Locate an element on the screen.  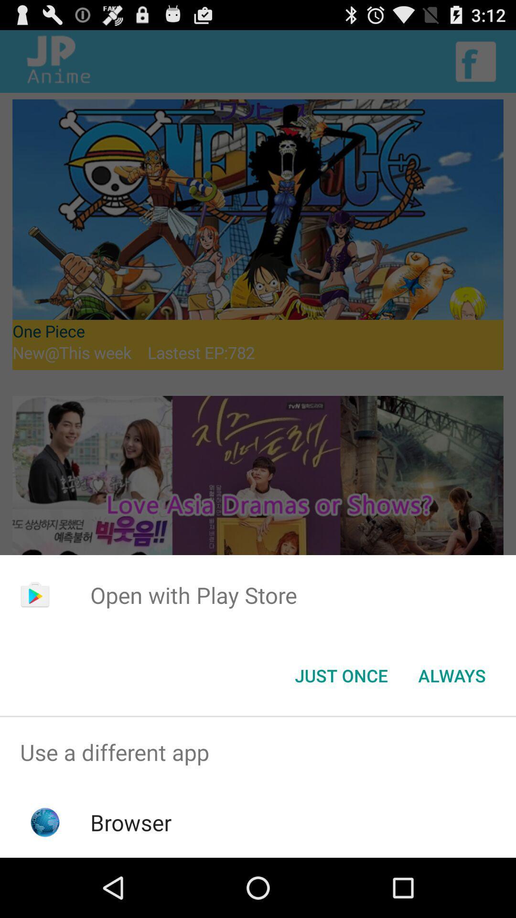
browser item is located at coordinates (131, 822).